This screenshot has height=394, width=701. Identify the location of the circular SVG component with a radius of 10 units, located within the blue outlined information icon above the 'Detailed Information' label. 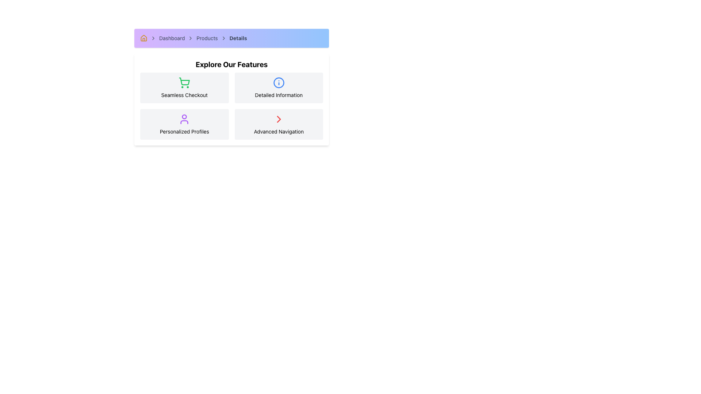
(278, 82).